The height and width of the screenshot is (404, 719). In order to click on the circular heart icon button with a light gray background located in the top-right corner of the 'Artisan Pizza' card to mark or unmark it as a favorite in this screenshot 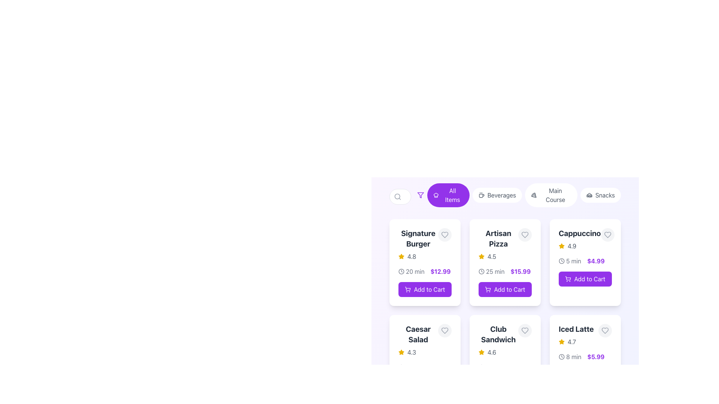, I will do `click(524, 235)`.